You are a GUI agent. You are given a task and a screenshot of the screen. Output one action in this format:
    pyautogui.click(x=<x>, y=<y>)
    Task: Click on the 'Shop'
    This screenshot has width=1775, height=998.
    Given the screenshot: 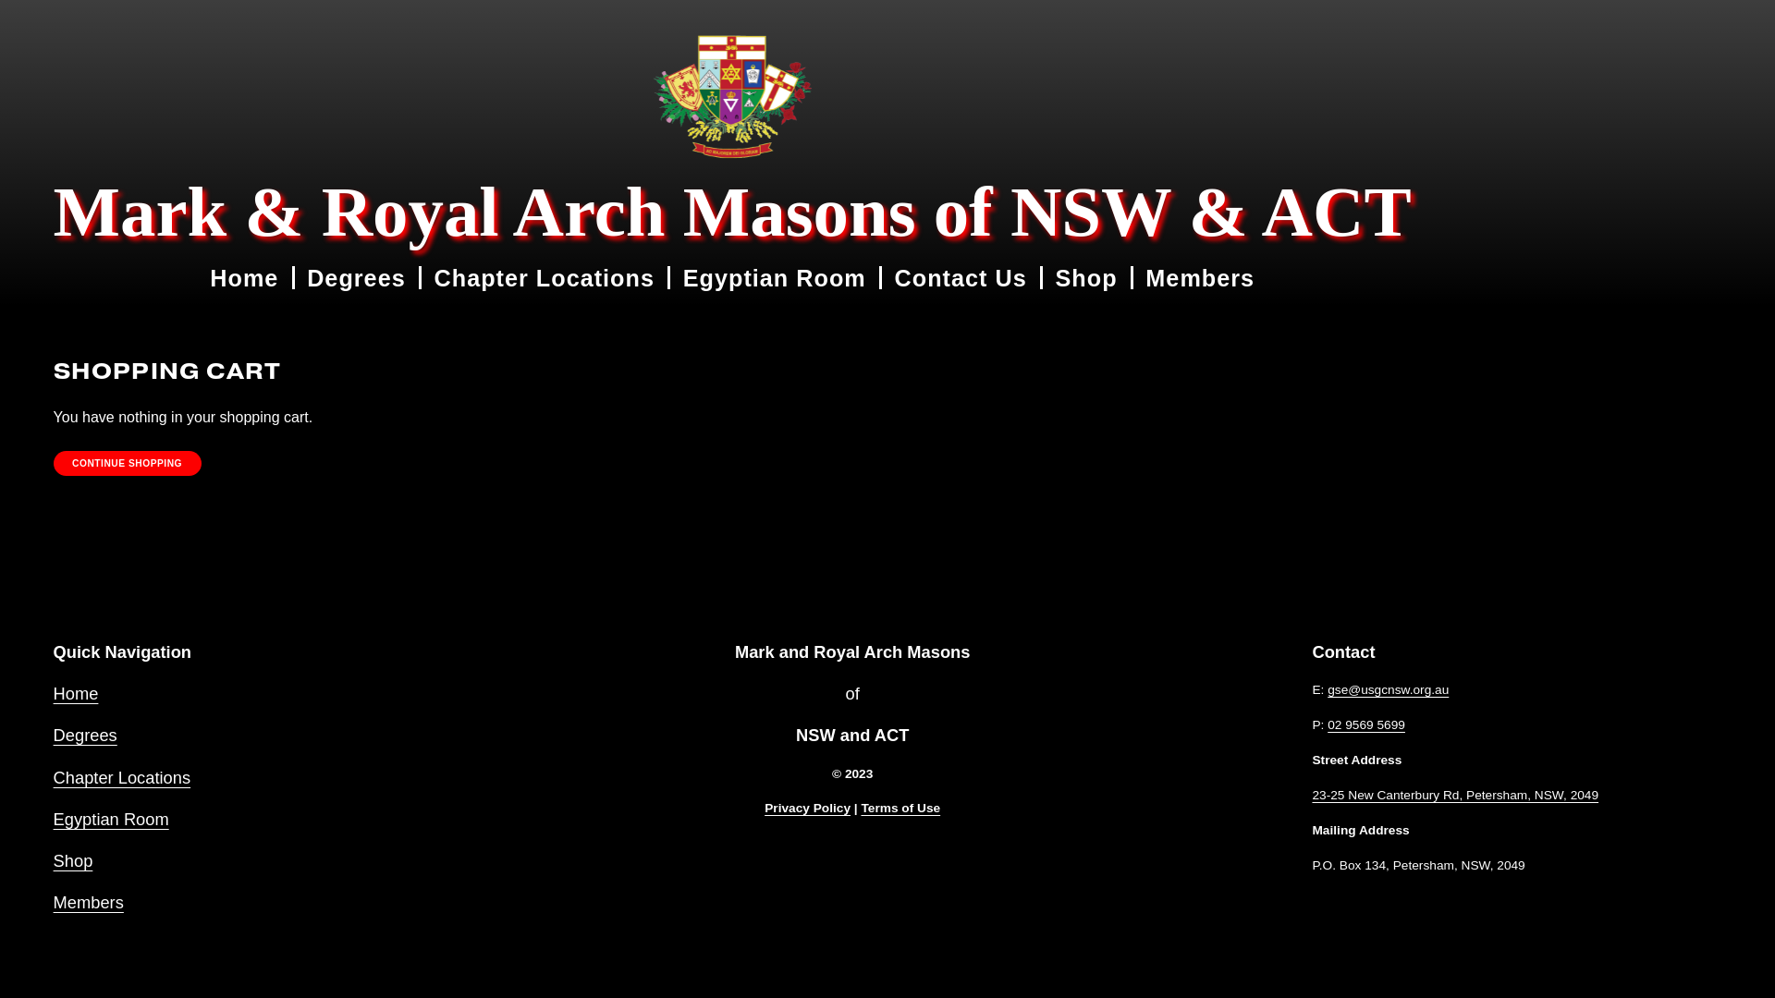 What is the action you would take?
    pyautogui.click(x=73, y=860)
    